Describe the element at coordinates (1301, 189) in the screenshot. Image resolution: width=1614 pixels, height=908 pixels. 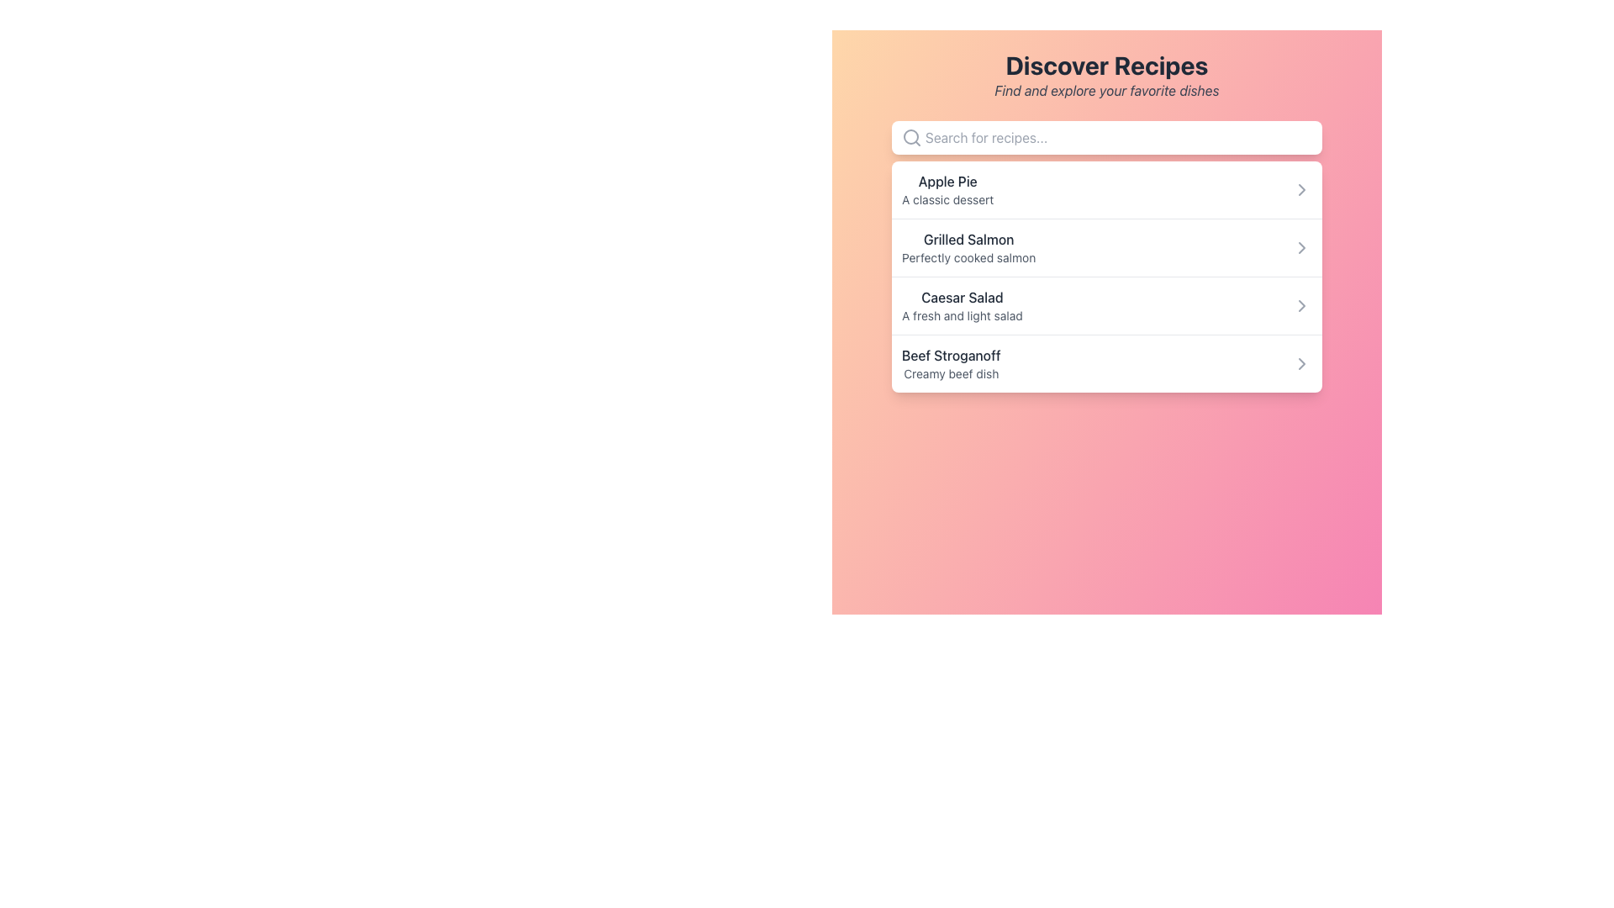
I see `the right-pointing chevron icon associated with the 'Apple Pie' entry` at that location.